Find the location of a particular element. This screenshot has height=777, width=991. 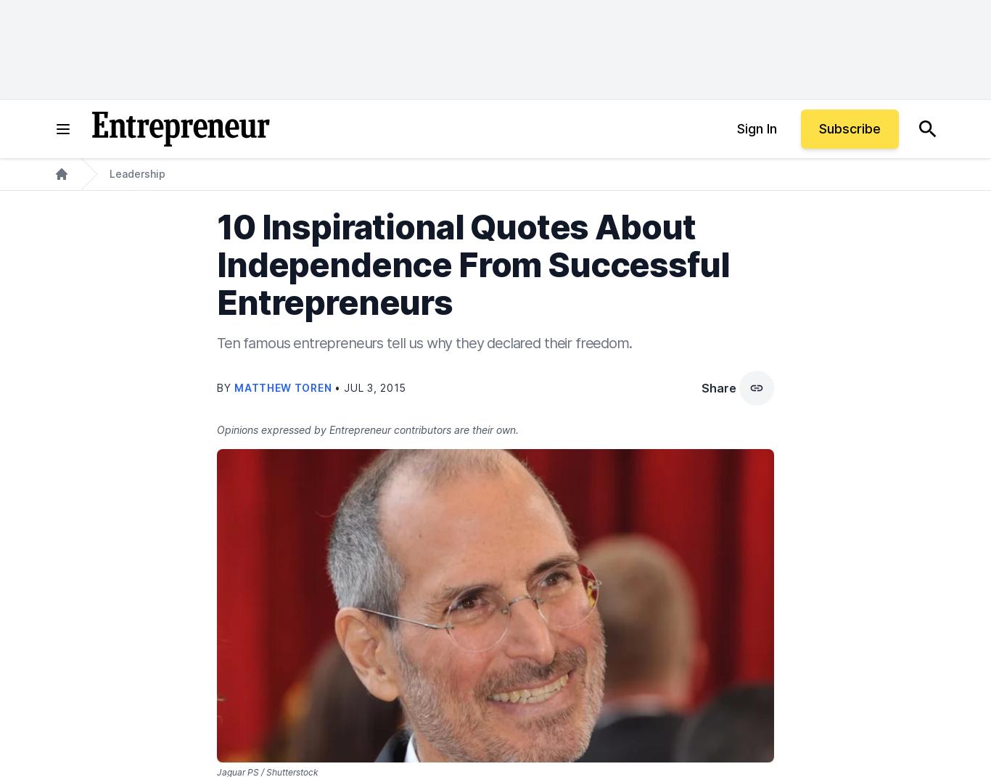

'Why You Should Drink Coffee Before You Nap' is located at coordinates (415, 488).